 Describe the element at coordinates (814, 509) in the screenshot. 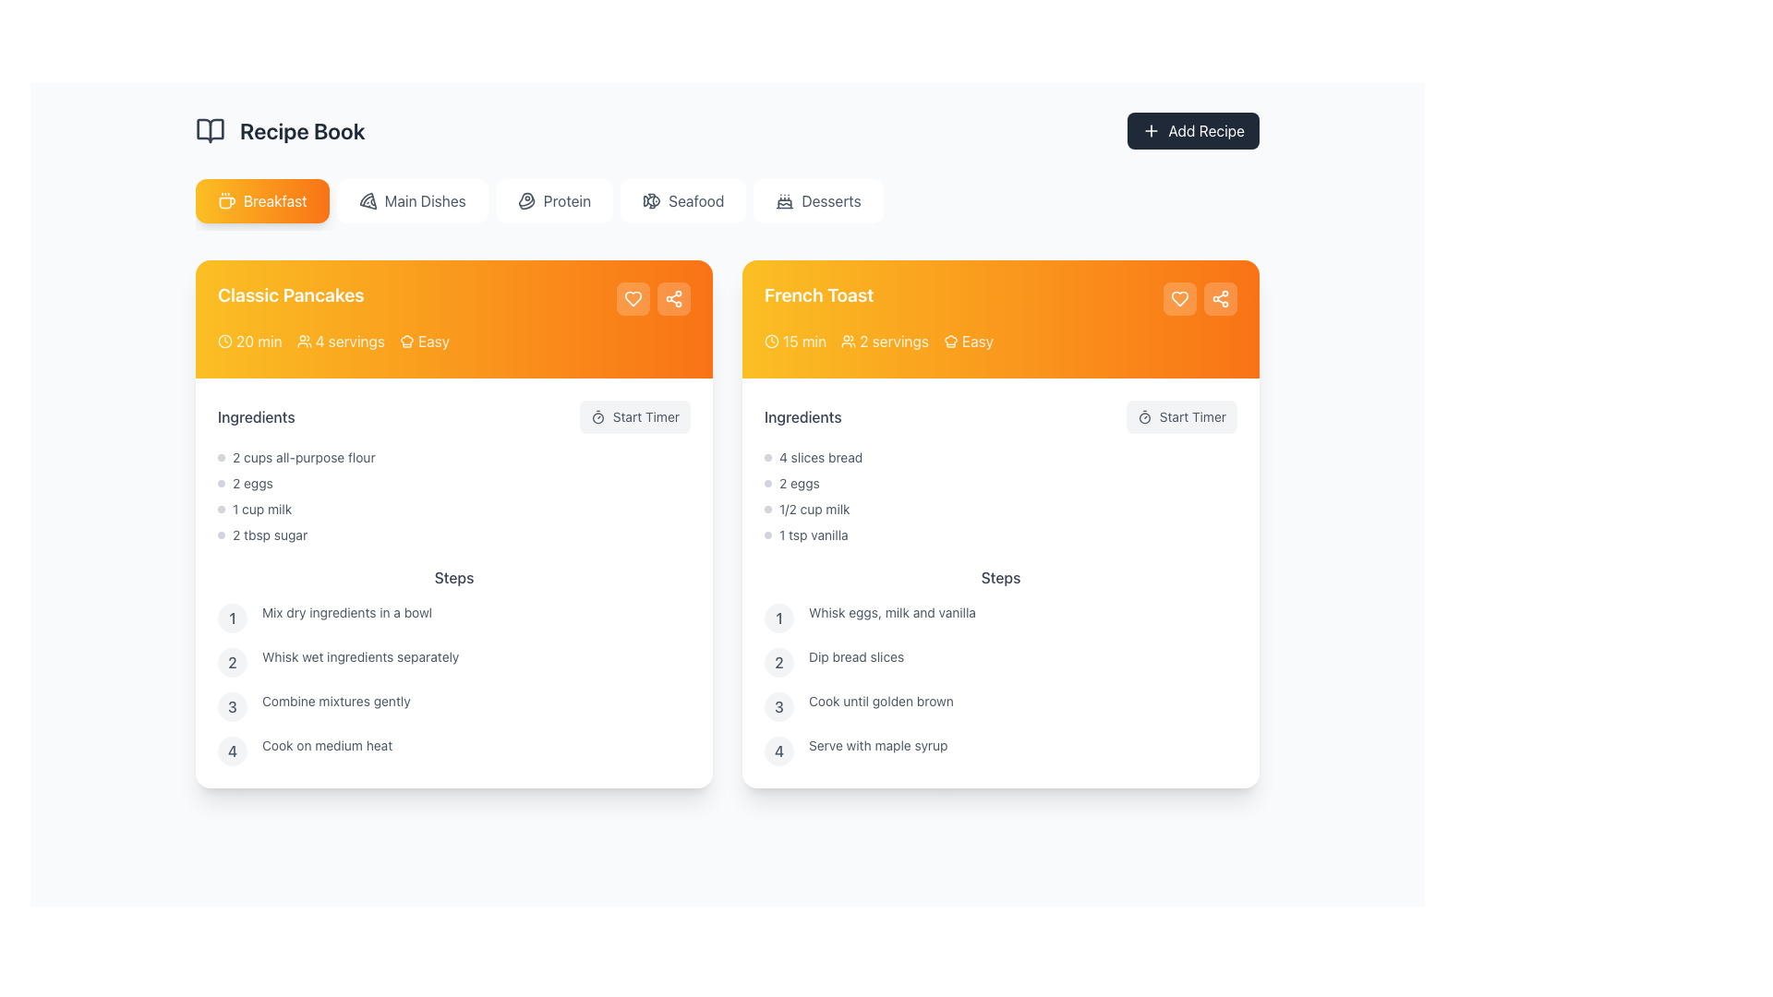

I see `the text label displaying '1/2 cup milk' in the 'Ingredients' section of the 'French Toast' recipe card, which is styled in a small, gray-colored font` at that location.